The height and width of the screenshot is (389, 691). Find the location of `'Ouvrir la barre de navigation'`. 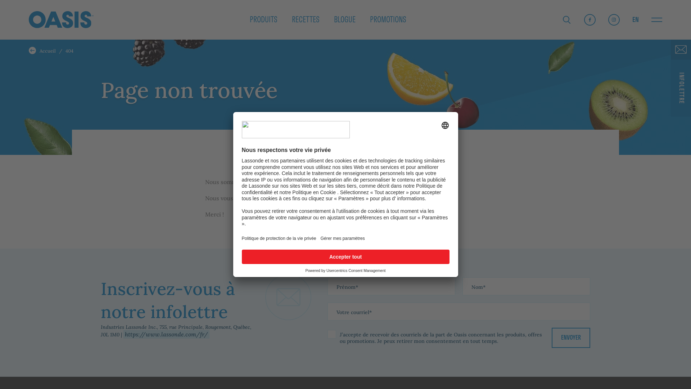

'Ouvrir la barre de navigation' is located at coordinates (656, 19).